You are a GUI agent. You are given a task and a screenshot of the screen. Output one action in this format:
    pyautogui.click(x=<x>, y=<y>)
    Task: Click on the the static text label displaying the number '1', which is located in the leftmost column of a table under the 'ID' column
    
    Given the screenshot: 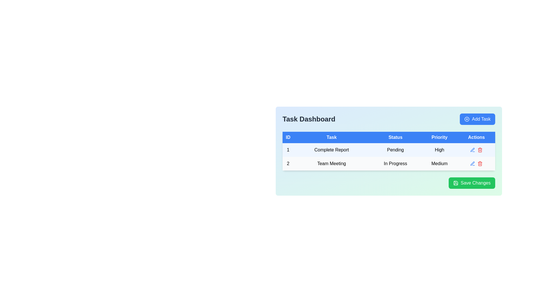 What is the action you would take?
    pyautogui.click(x=288, y=149)
    